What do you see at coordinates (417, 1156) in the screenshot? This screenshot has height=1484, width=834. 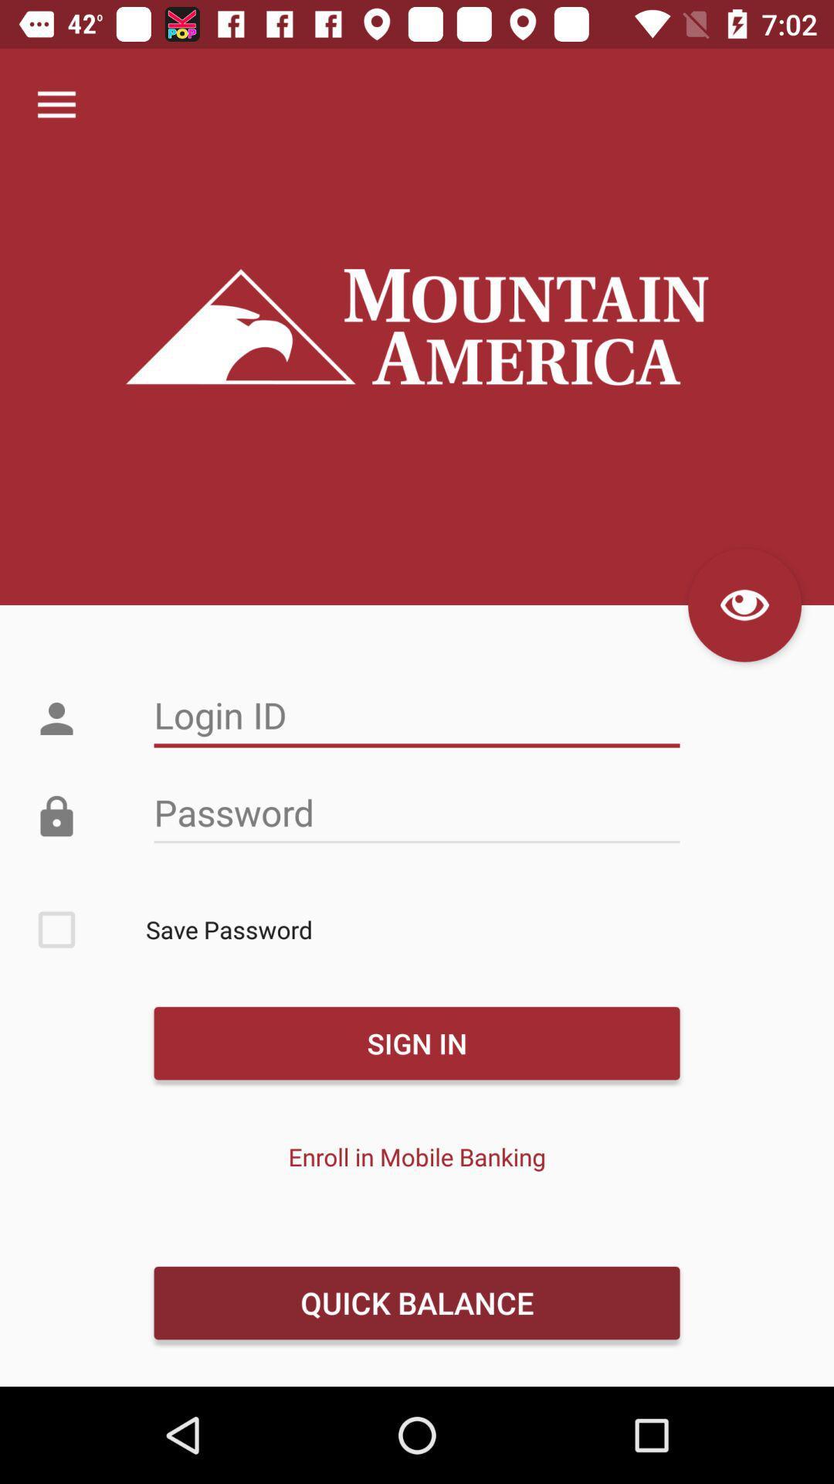 I see `the enroll in mobile item` at bounding box center [417, 1156].